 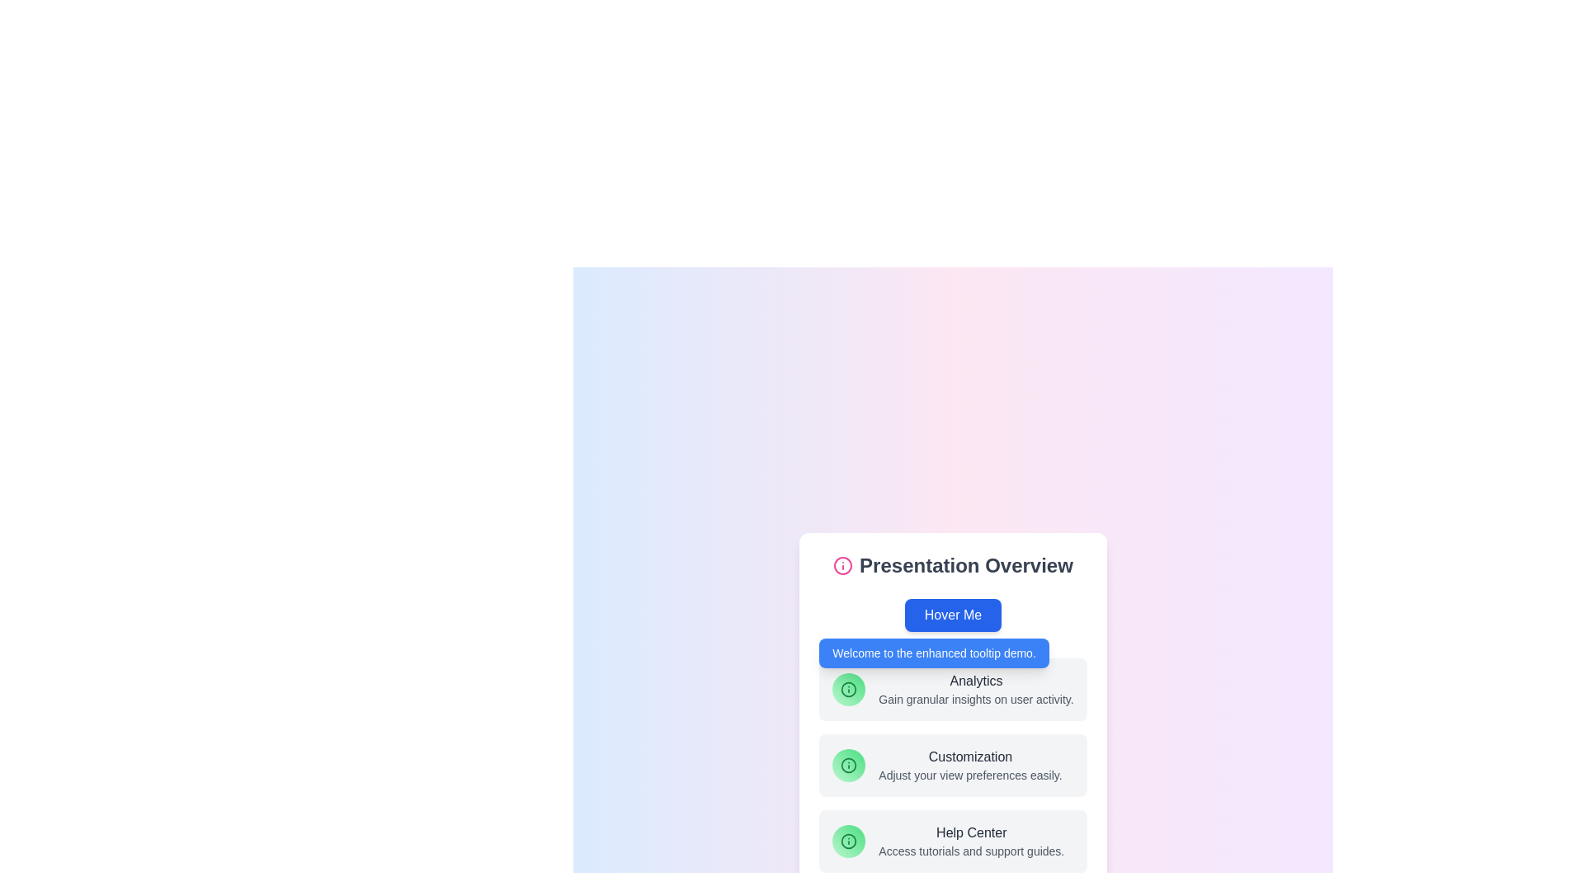 I want to click on the SVG circle element that is a circular outline within the green icon of the 'Help Center' list item, so click(x=849, y=841).